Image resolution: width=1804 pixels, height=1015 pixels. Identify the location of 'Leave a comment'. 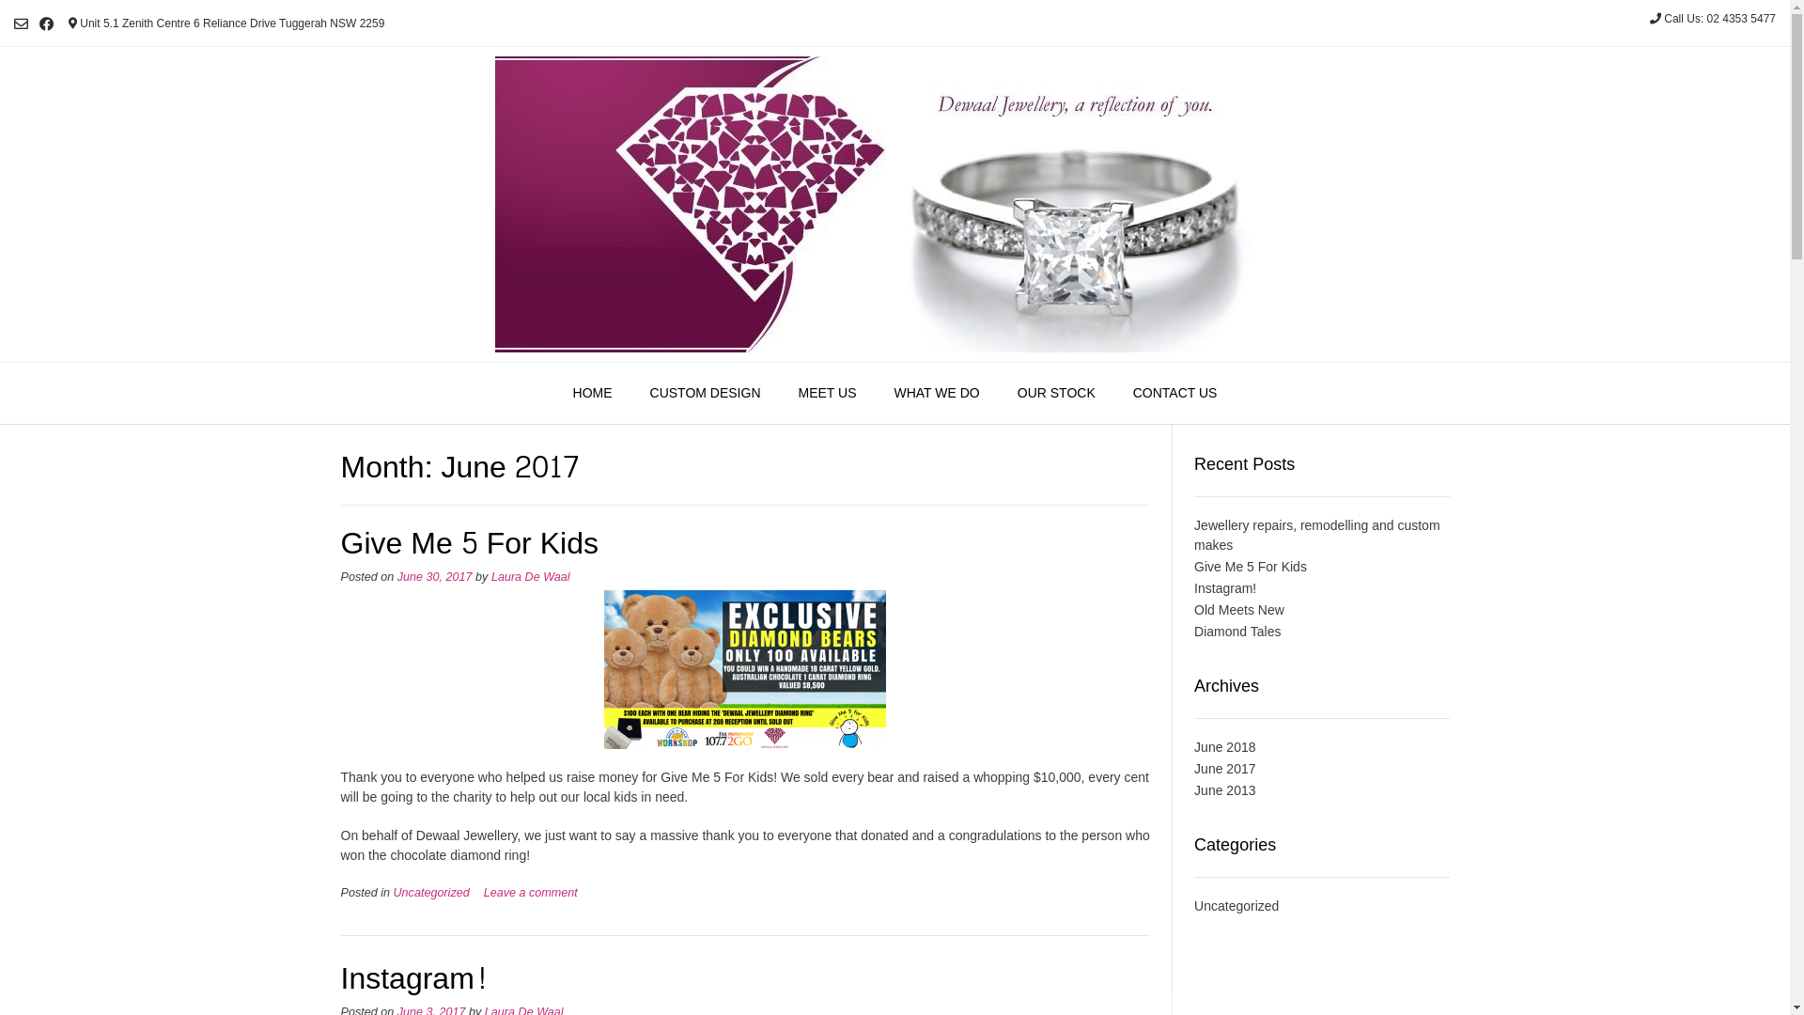
(530, 891).